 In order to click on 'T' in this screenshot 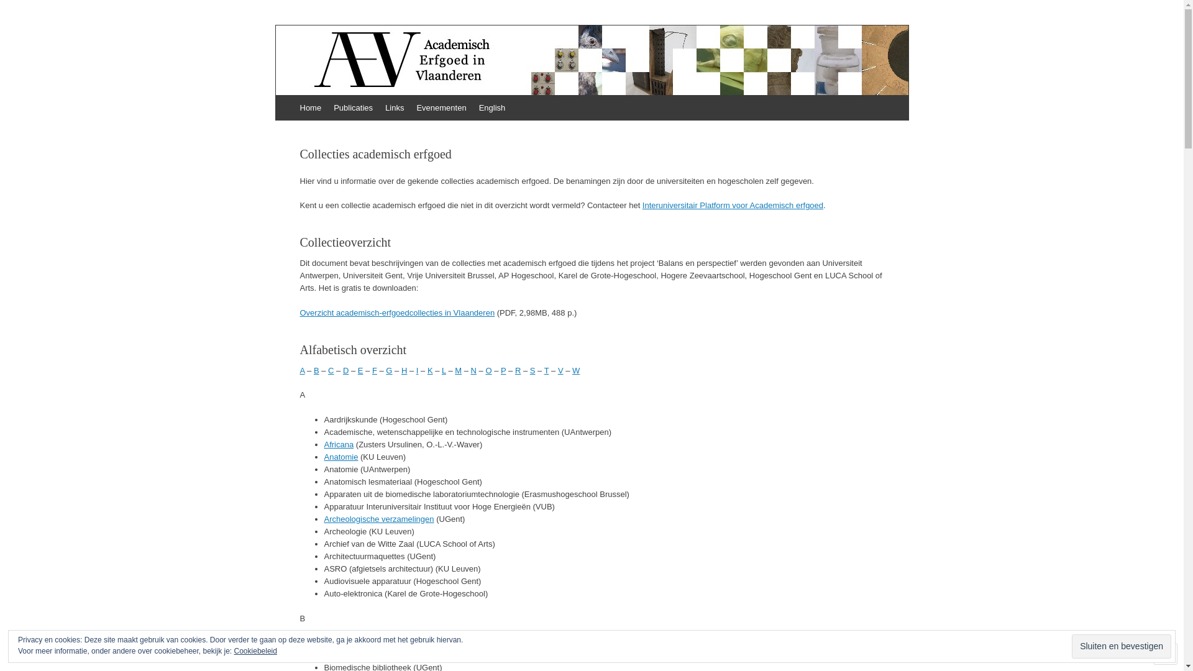, I will do `click(546, 369)`.